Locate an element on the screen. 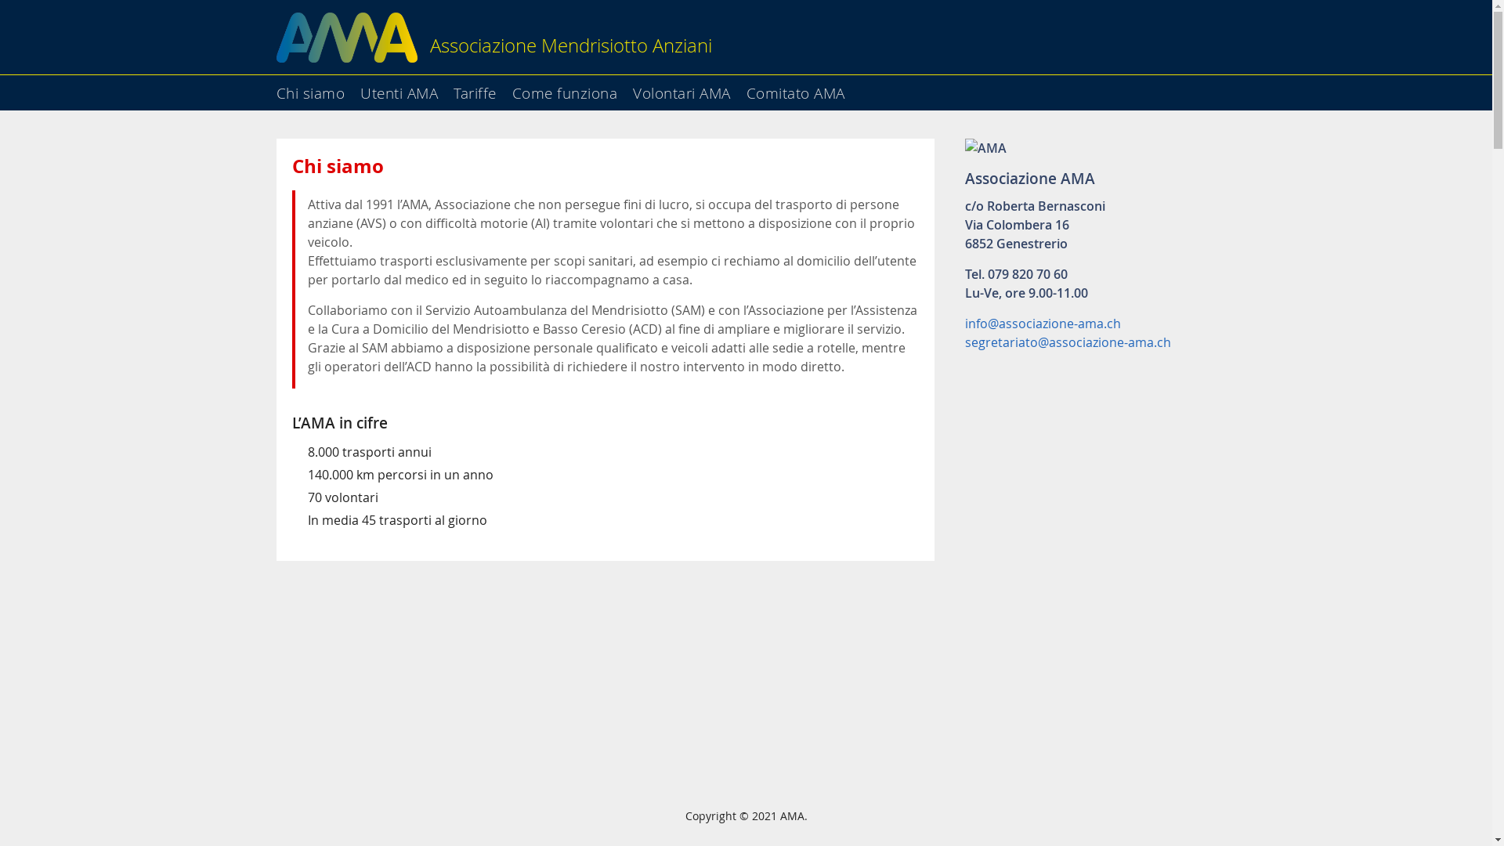  'Comitato AMA' is located at coordinates (801, 87).